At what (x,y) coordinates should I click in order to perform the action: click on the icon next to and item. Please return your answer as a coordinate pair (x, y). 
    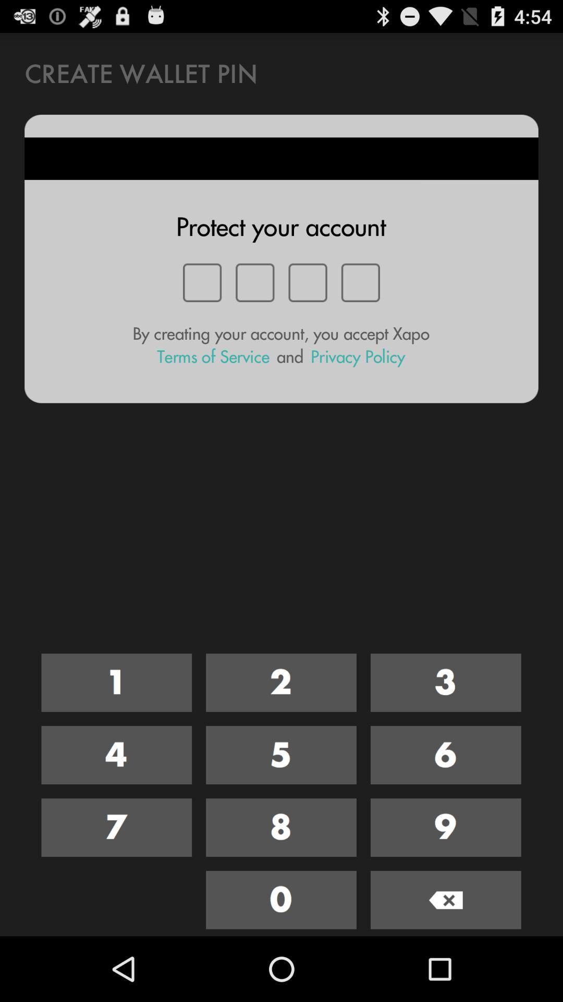
    Looking at the image, I should click on (357, 356).